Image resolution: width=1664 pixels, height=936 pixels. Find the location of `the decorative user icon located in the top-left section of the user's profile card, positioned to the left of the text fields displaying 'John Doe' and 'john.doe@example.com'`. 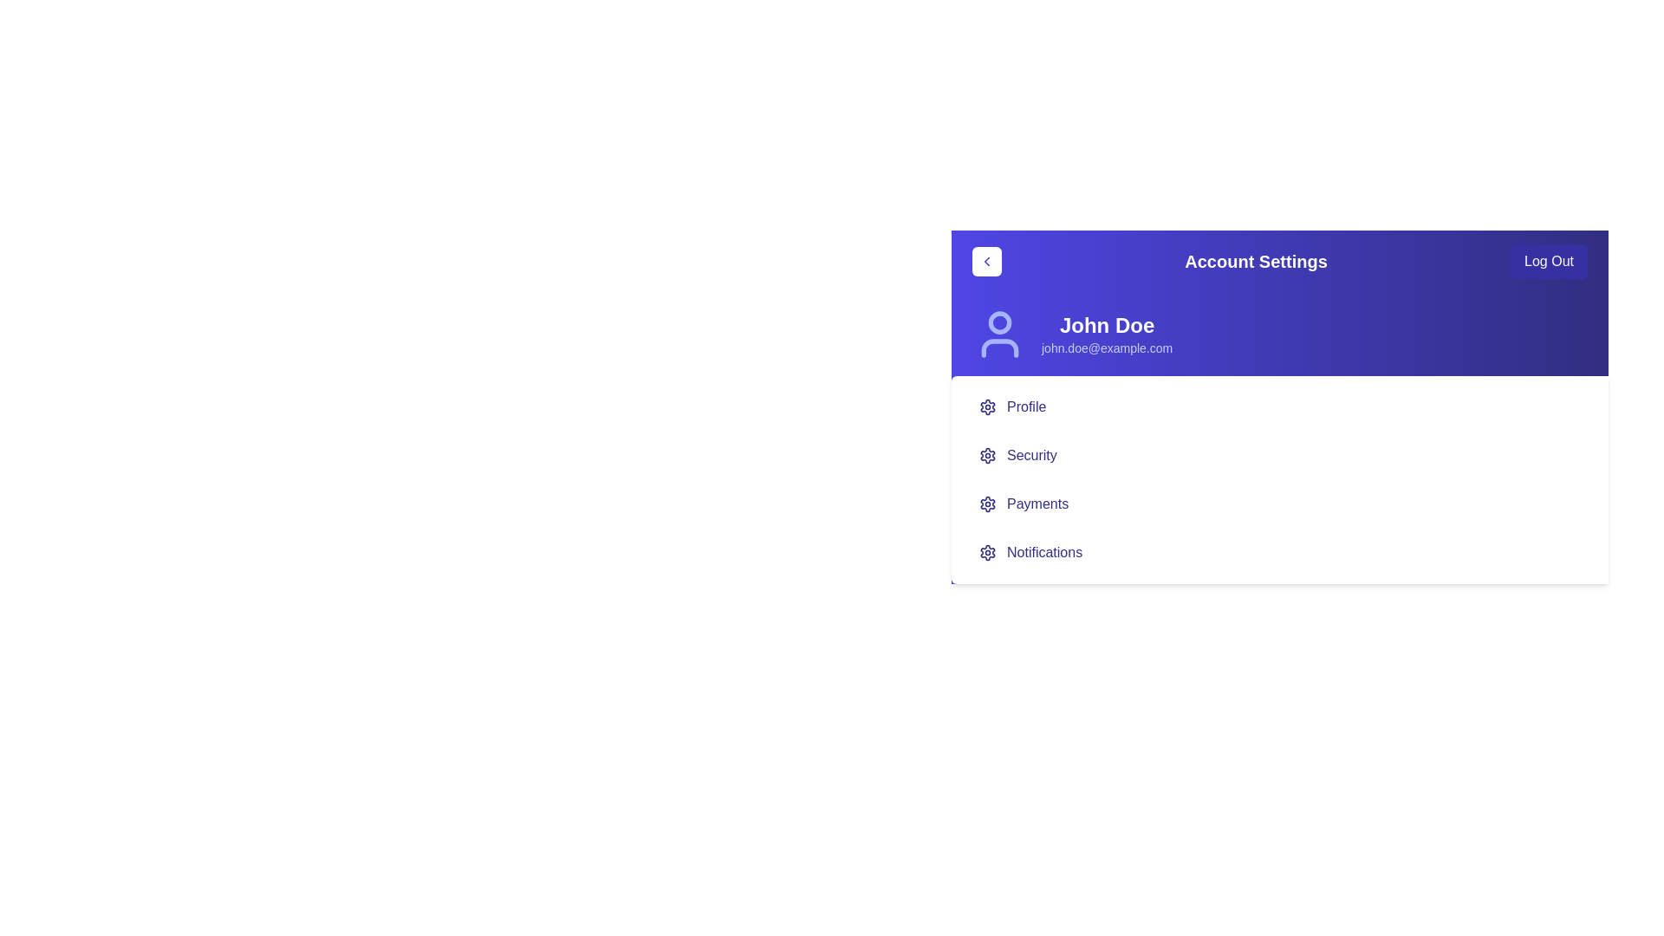

the decorative user icon located in the top-left section of the user's profile card, positioned to the left of the text fields displaying 'John Doe' and 'john.doe@example.com' is located at coordinates (999, 334).